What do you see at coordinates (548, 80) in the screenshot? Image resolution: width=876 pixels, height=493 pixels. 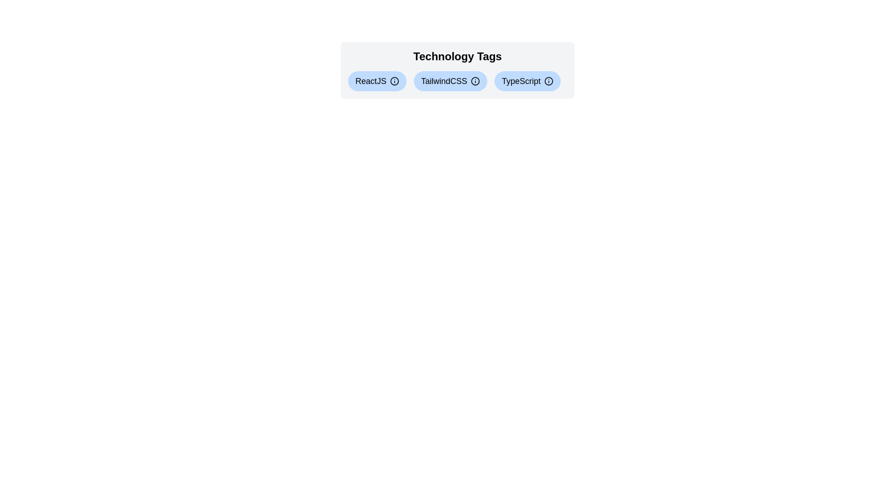 I see `the 'Info' icon of the tag labeled TypeScript` at bounding box center [548, 80].